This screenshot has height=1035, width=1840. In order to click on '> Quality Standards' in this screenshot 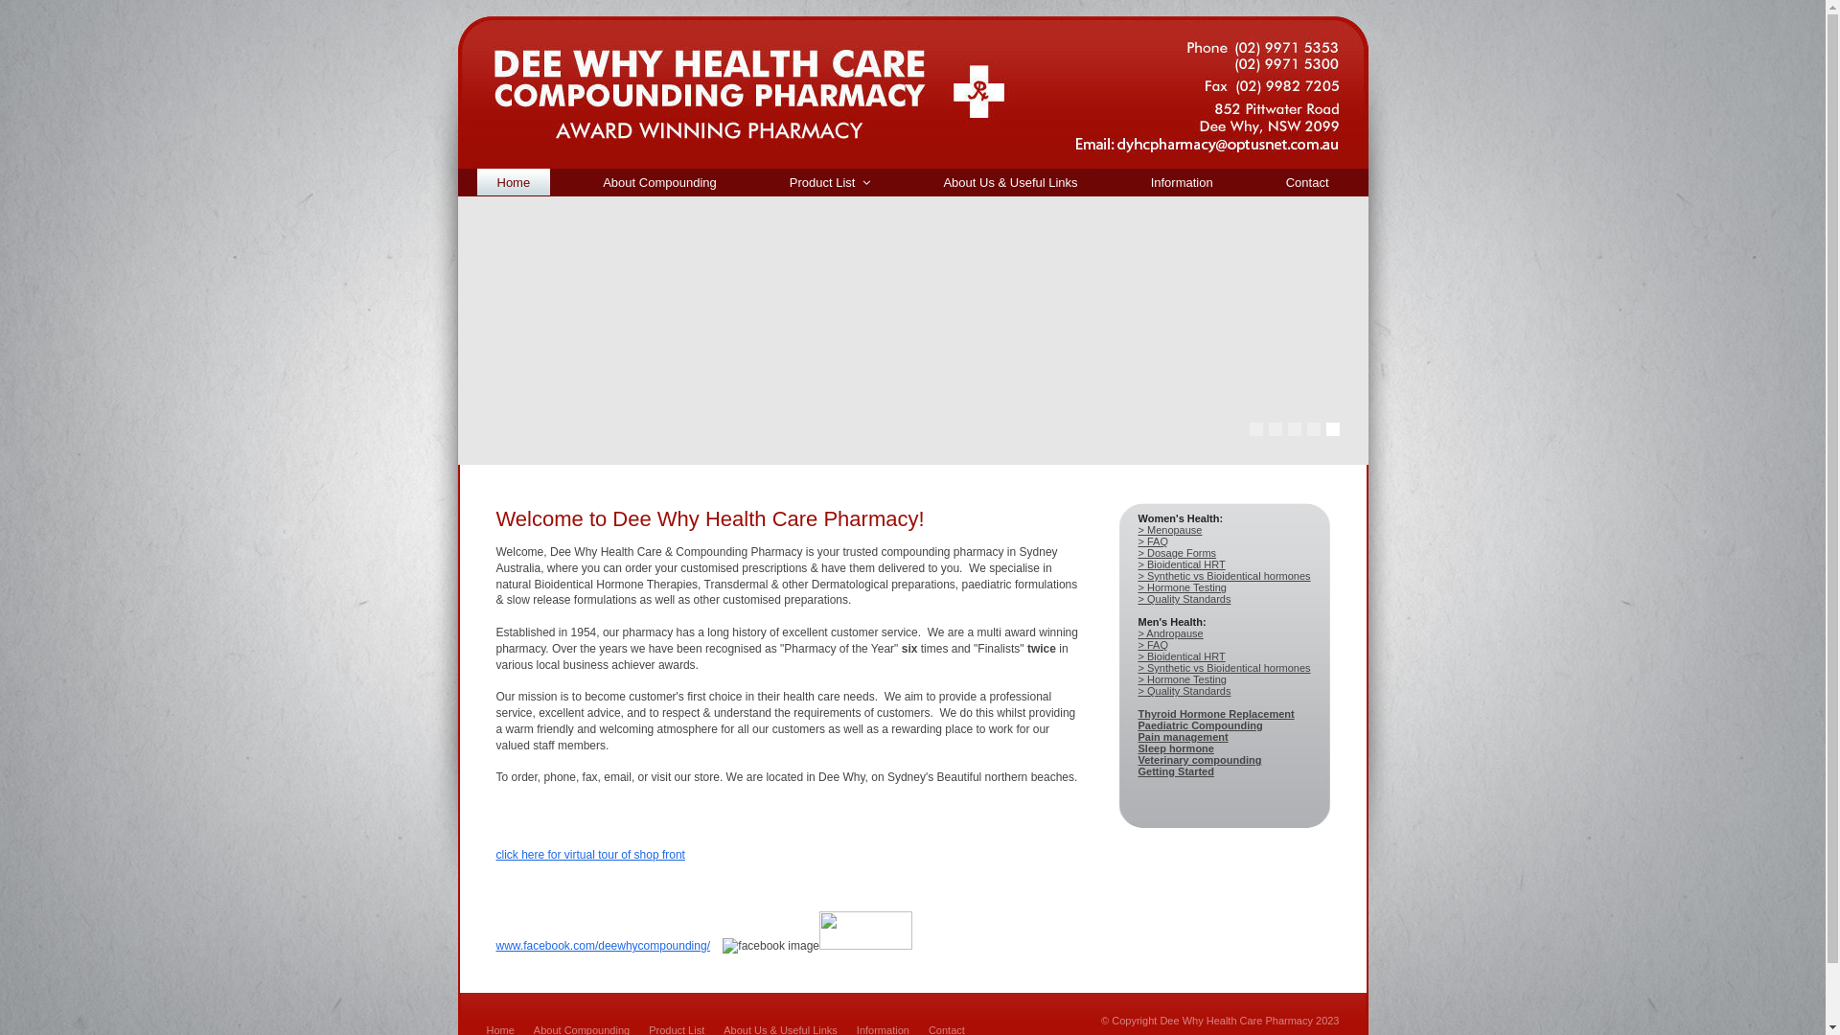, I will do `click(1184, 691)`.